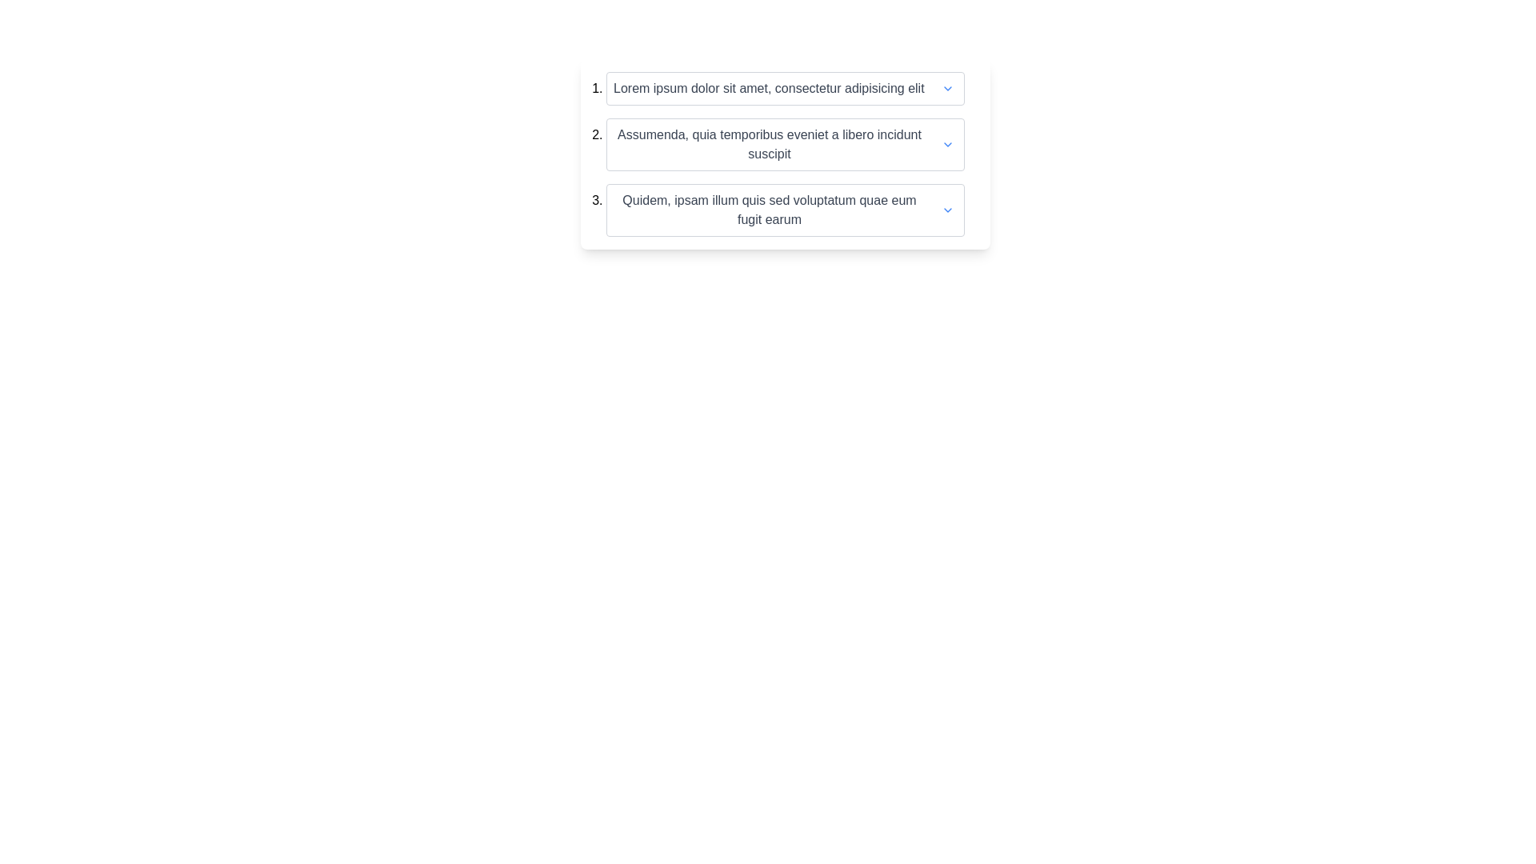  Describe the element at coordinates (948, 145) in the screenshot. I see `the downward-facing chevron icon` at that location.